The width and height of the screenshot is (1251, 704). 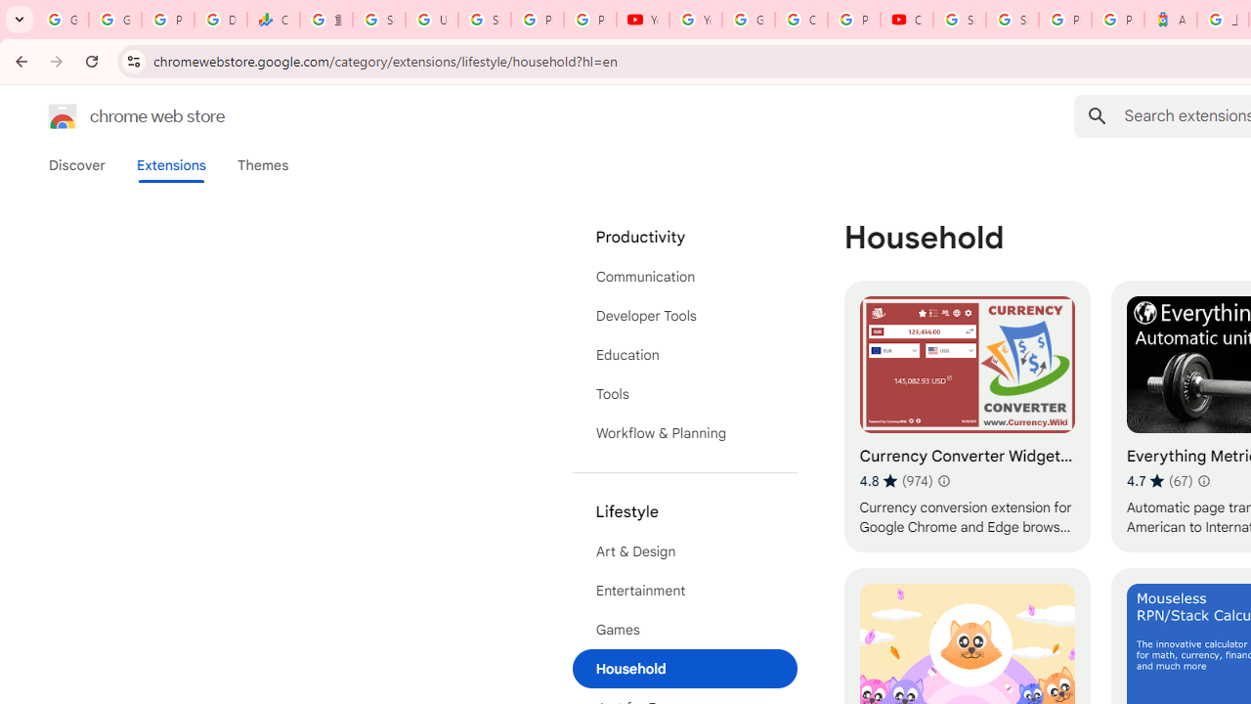 I want to click on 'Google Workspace Admin Community', so click(x=63, y=20).